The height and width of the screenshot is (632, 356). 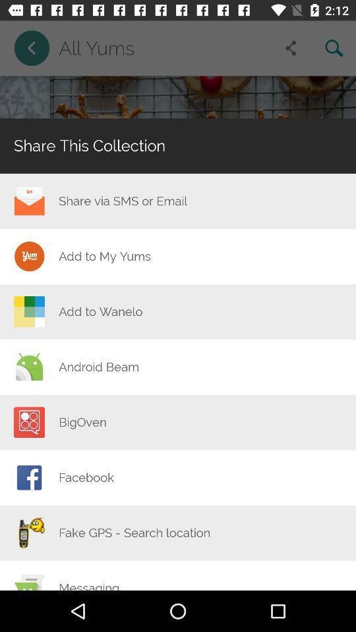 What do you see at coordinates (98, 367) in the screenshot?
I see `the item above the bigoven` at bounding box center [98, 367].